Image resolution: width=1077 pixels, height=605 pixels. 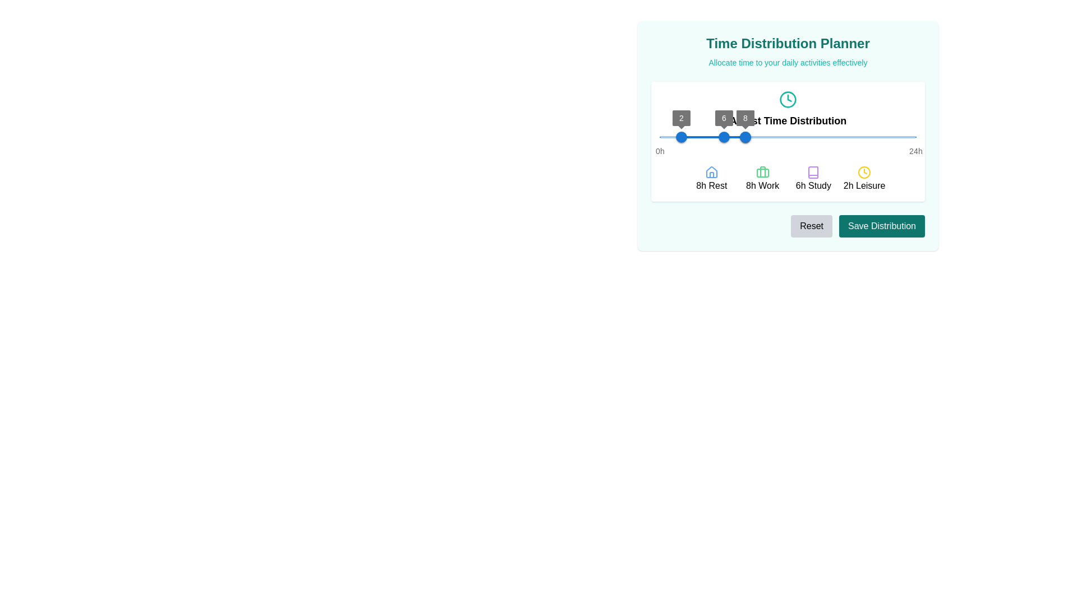 I want to click on the circular bubble labeled '2' which indicates the value on the blue timeline slider in the 'Time Distribution Planner' interface, so click(x=680, y=118).